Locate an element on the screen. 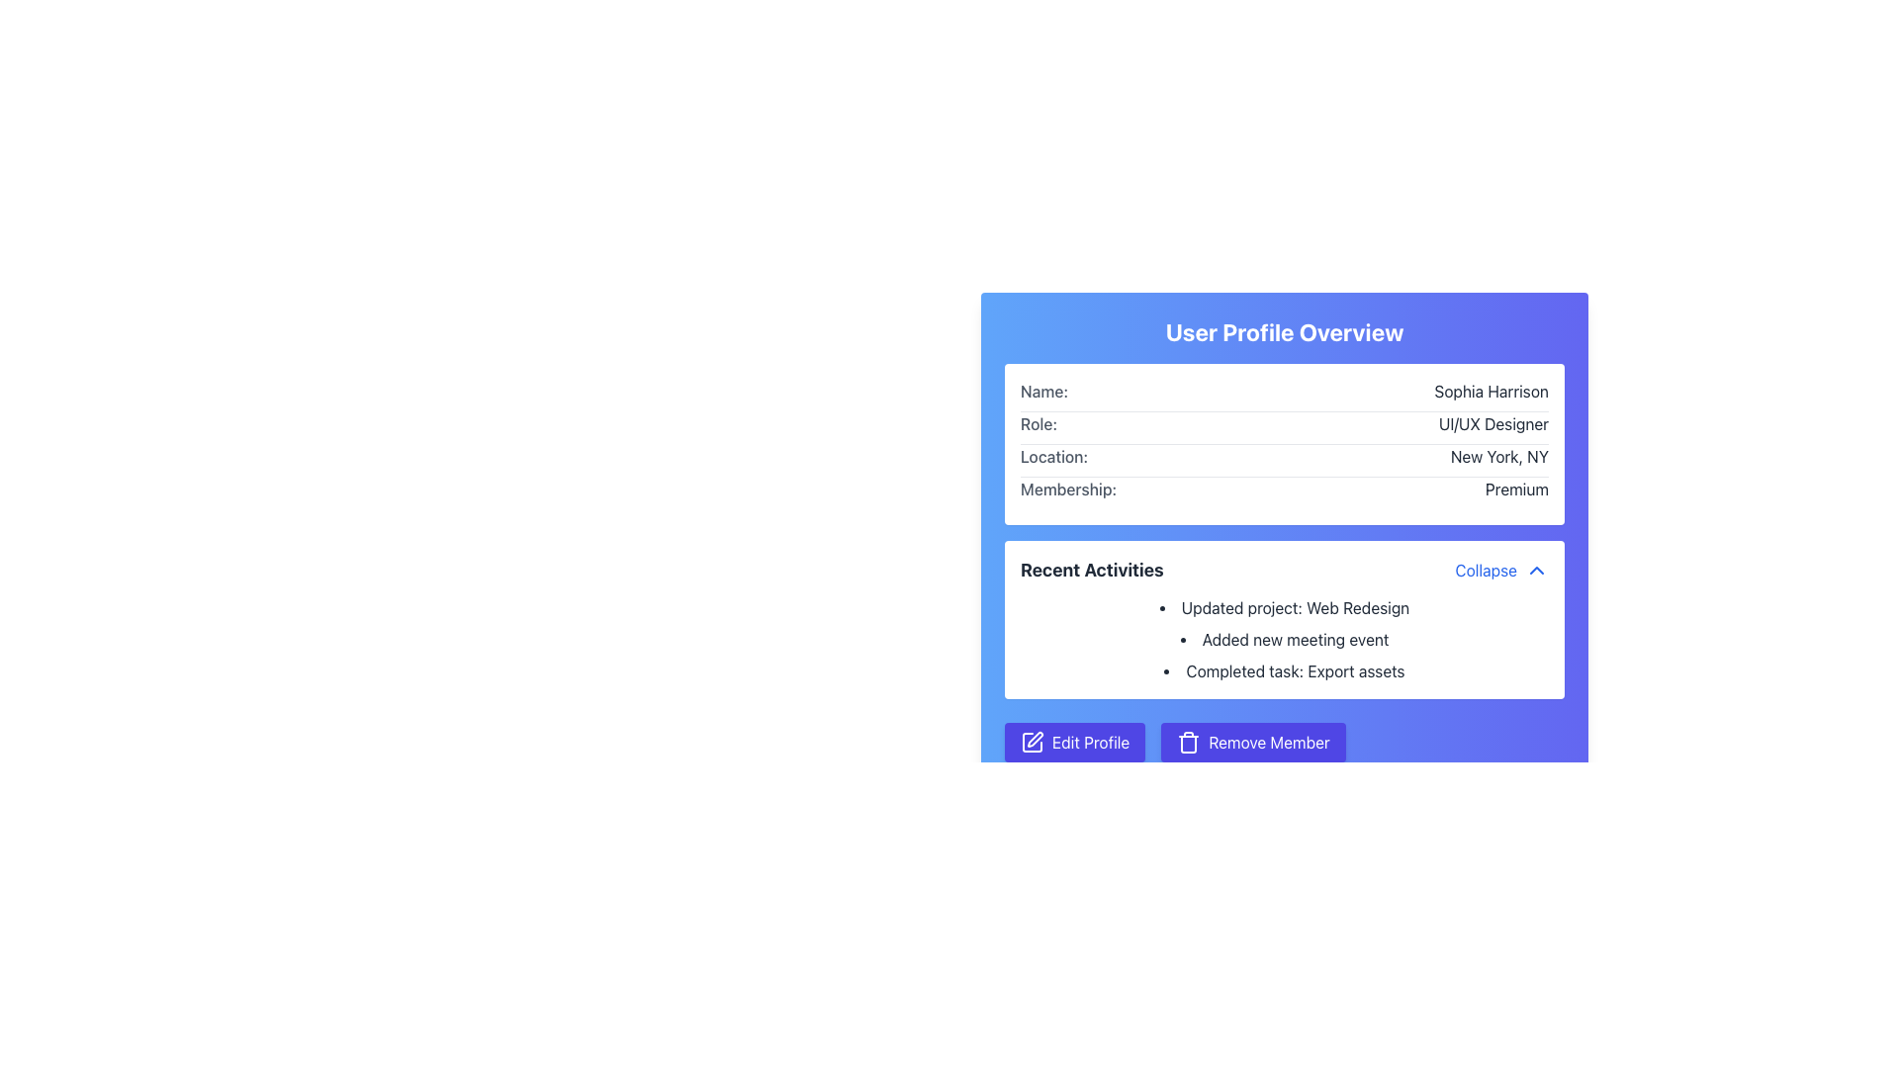 The image size is (1899, 1068). the text line displaying 'Added new meeting event' in the 'Recent Activities' section, which is the second item in a bulleted list is located at coordinates (1285, 640).